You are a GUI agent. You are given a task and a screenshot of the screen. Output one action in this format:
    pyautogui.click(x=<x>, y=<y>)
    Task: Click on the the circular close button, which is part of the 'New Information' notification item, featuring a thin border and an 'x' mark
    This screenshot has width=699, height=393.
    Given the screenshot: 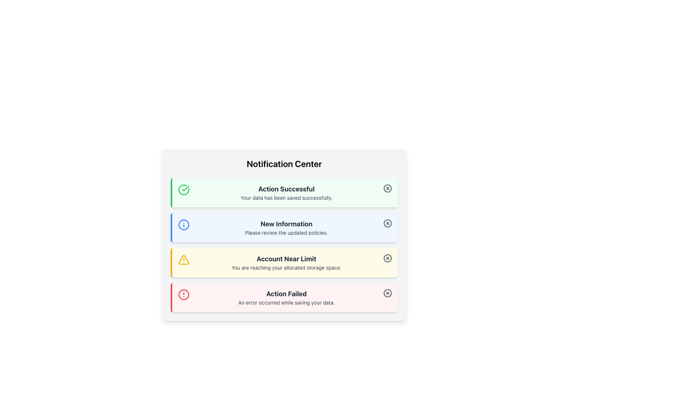 What is the action you would take?
    pyautogui.click(x=387, y=223)
    